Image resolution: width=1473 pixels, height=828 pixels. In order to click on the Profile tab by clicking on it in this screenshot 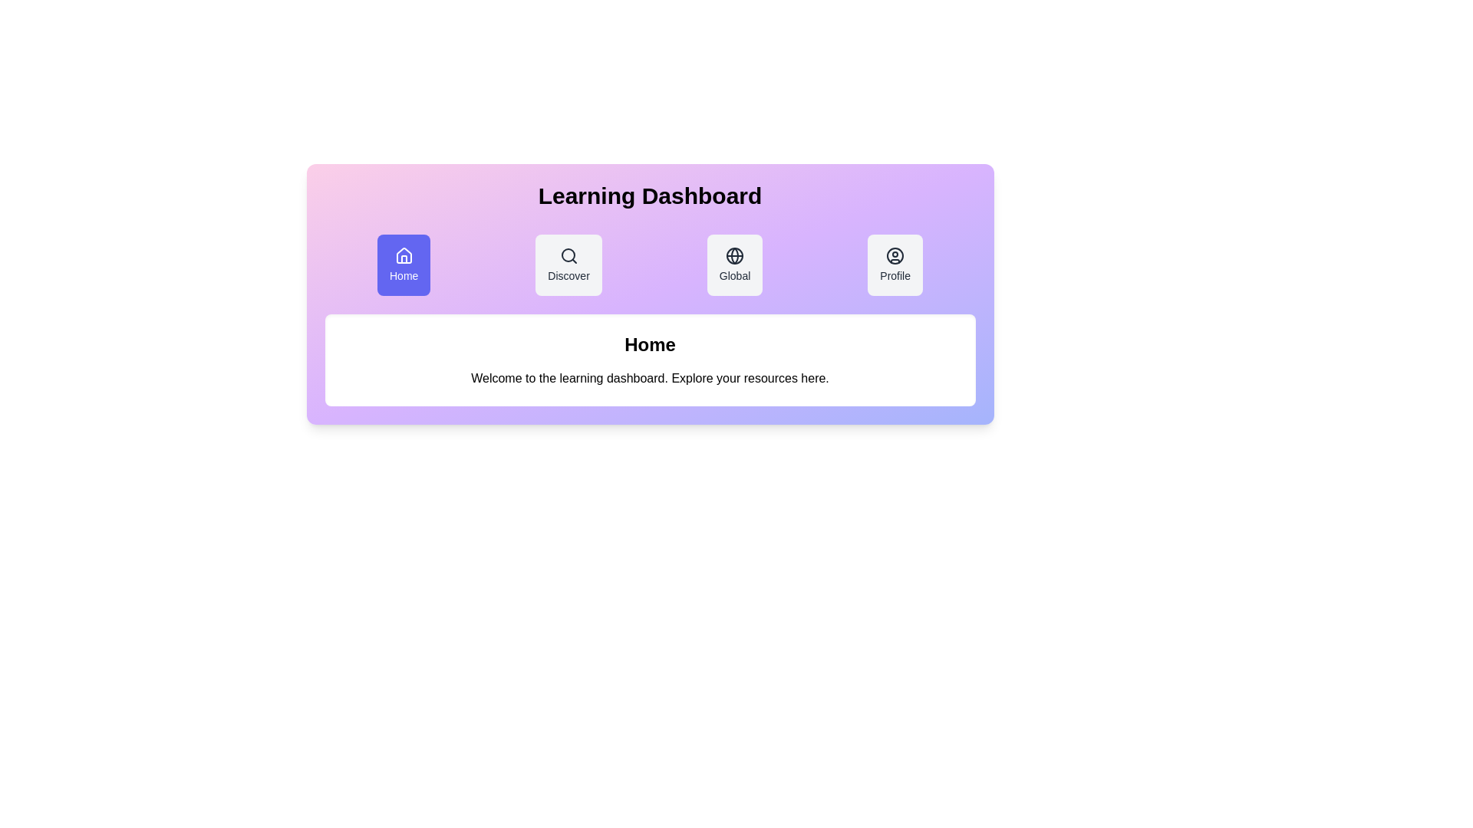, I will do `click(895, 264)`.